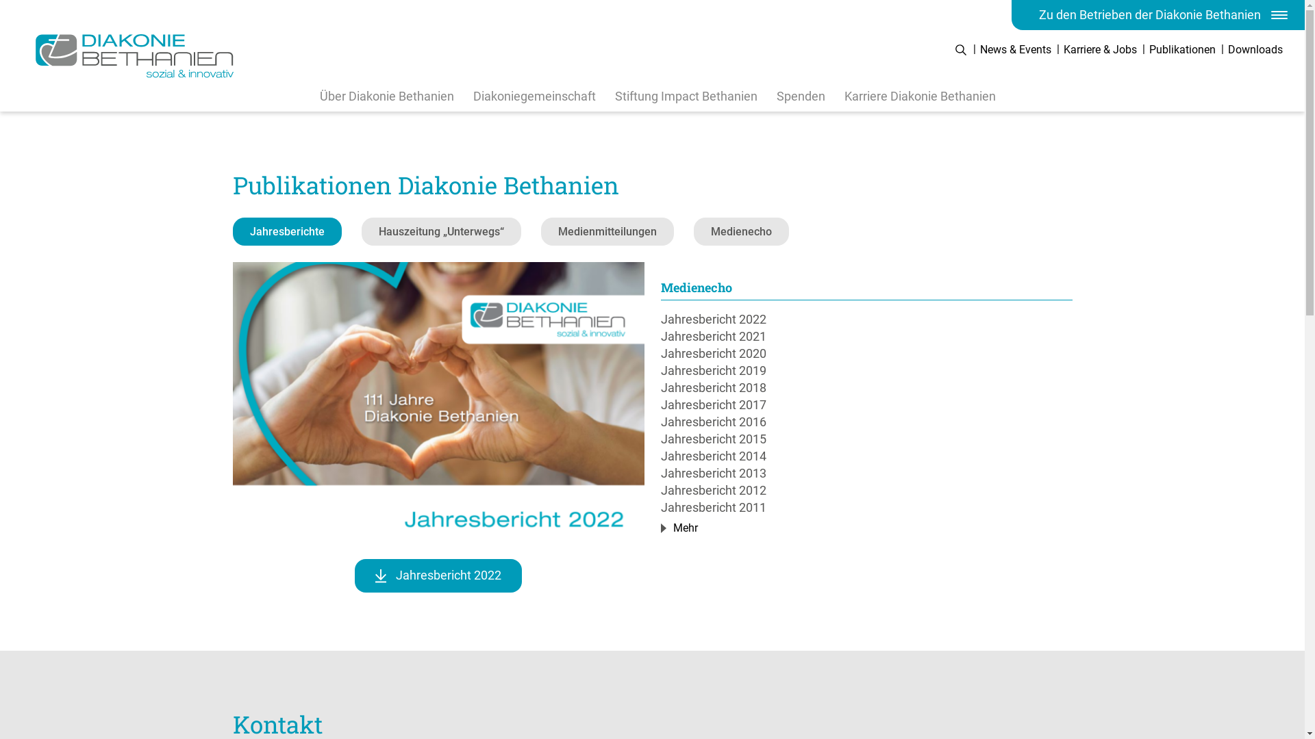 The image size is (1315, 739). I want to click on 'Jahresbericht 2022', so click(437, 575).